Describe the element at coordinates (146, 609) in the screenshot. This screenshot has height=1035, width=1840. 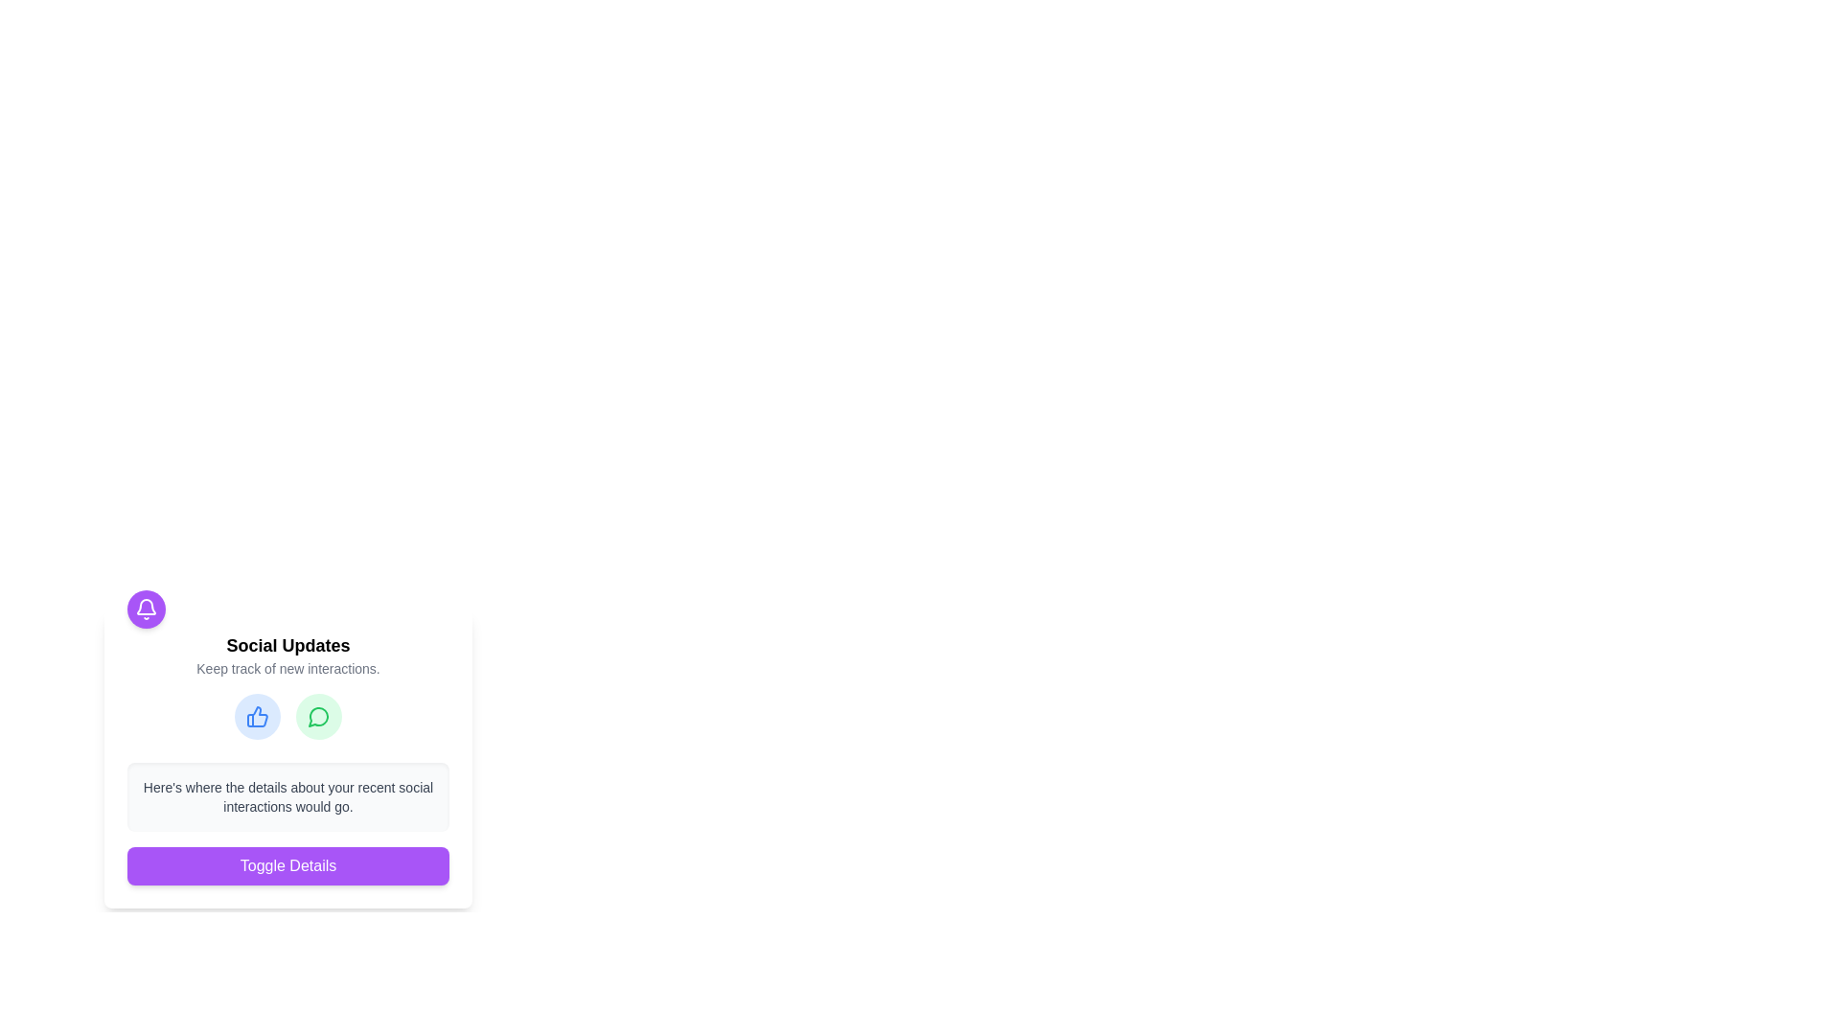
I see `the notification icon button located at the top-left position of the interface, above the title 'Social Updates', to interact with it` at that location.